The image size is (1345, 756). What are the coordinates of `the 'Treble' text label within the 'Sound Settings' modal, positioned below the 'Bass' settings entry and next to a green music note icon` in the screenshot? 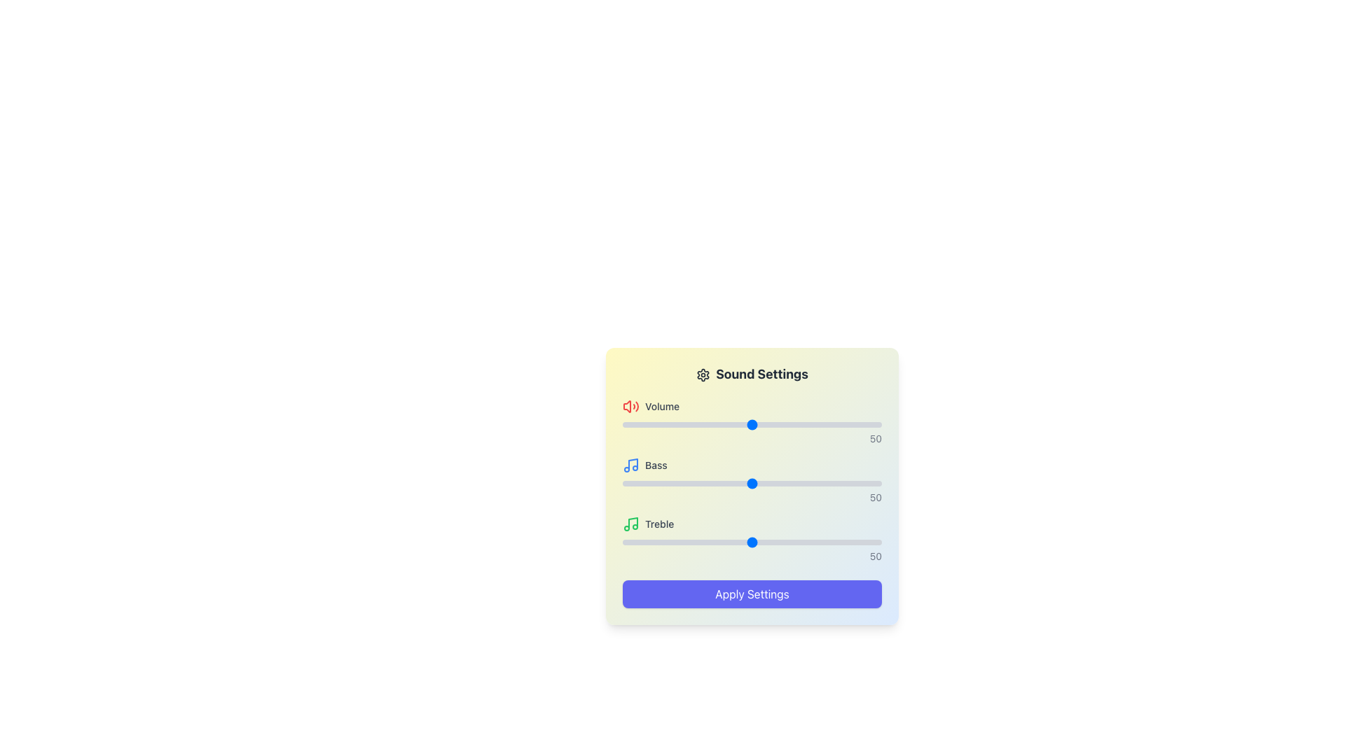 It's located at (658, 524).